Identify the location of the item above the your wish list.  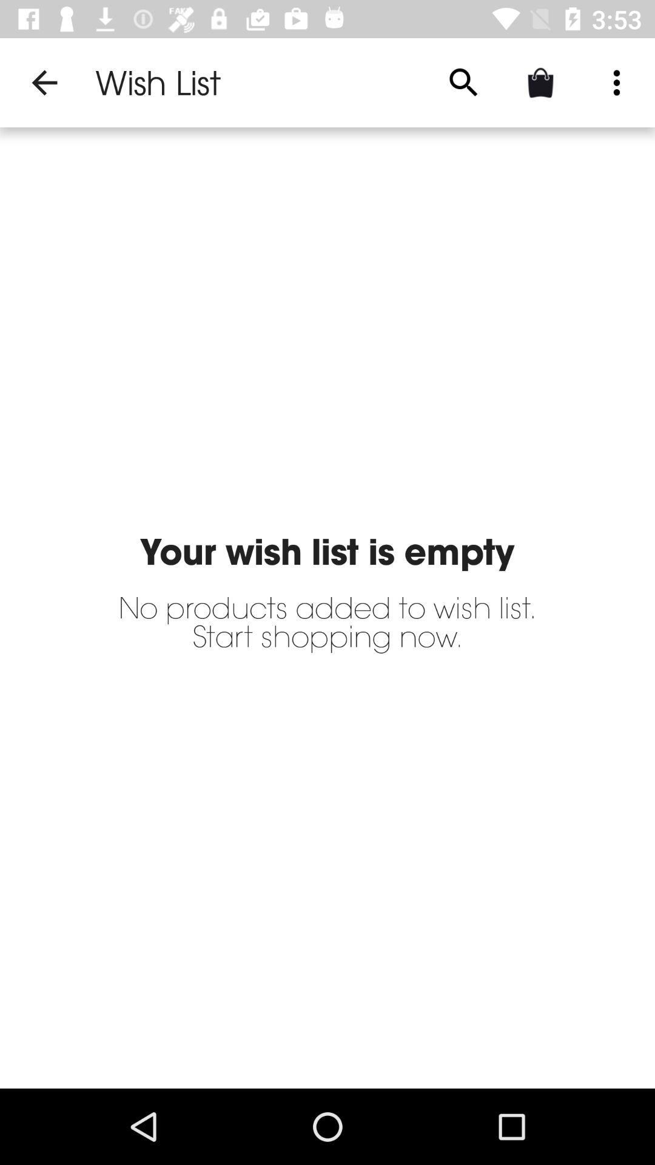
(617, 82).